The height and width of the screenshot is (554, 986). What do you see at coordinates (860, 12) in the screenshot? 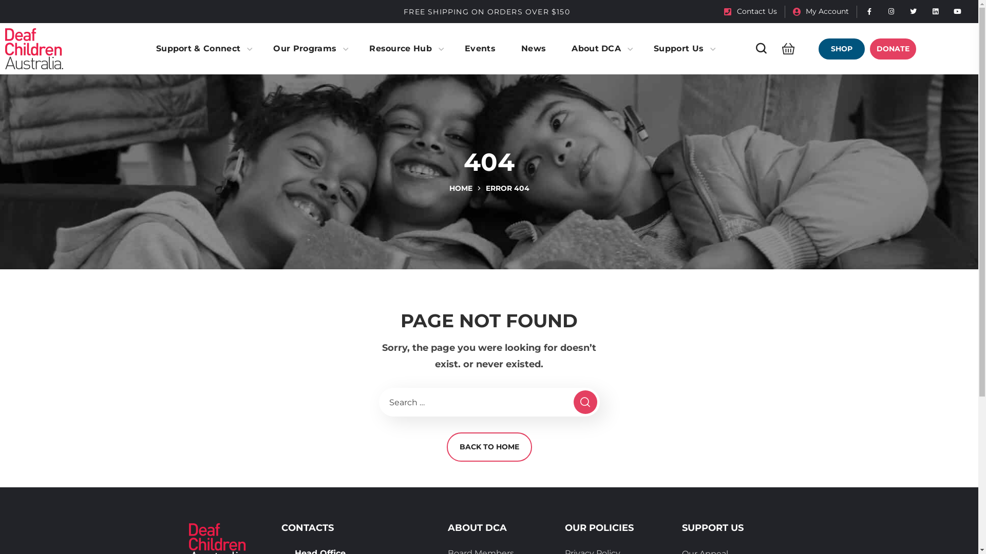
I see `'Facebook'` at bounding box center [860, 12].